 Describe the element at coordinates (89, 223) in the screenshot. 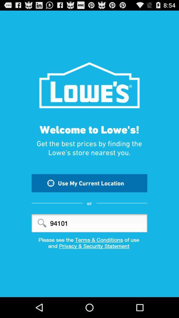

I see `the 94101 icon` at that location.